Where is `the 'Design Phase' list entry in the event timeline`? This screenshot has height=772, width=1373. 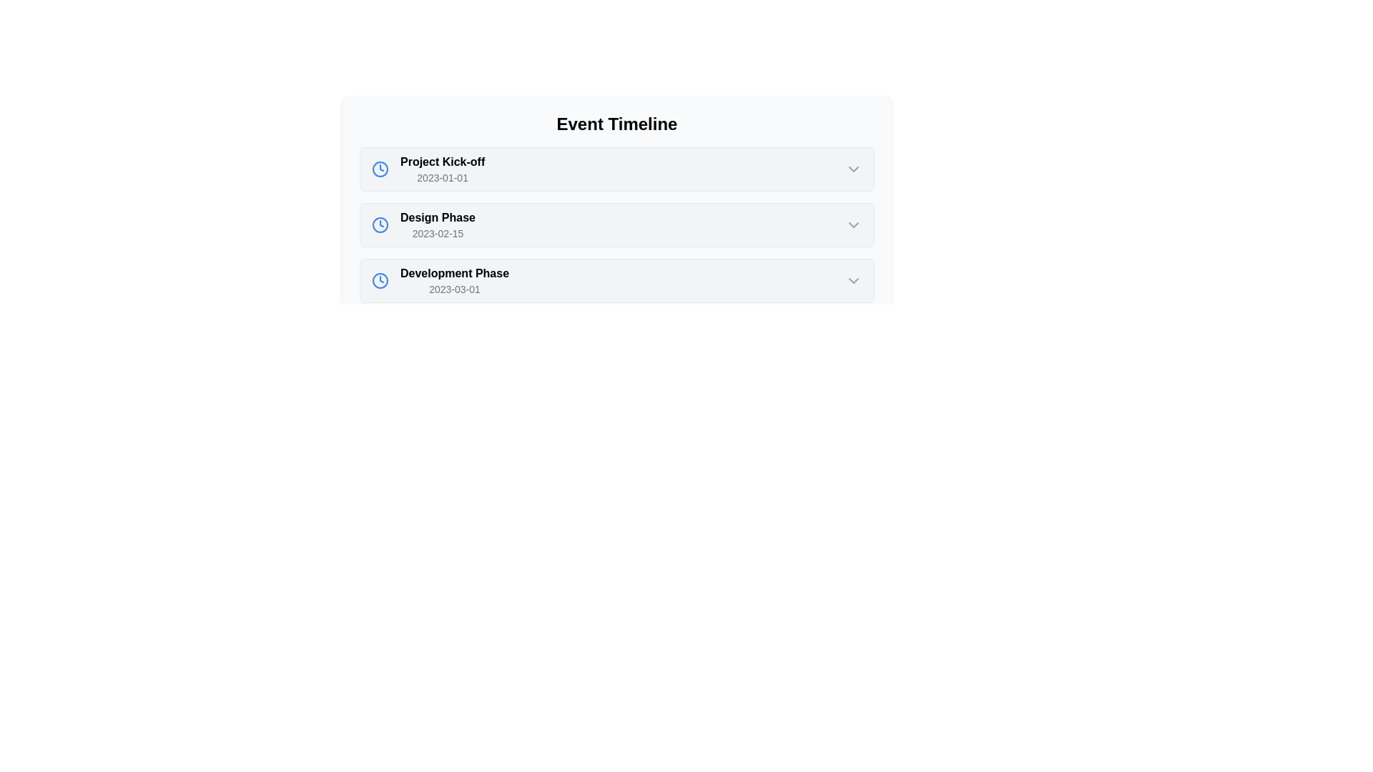 the 'Design Phase' list entry in the event timeline is located at coordinates (617, 225).